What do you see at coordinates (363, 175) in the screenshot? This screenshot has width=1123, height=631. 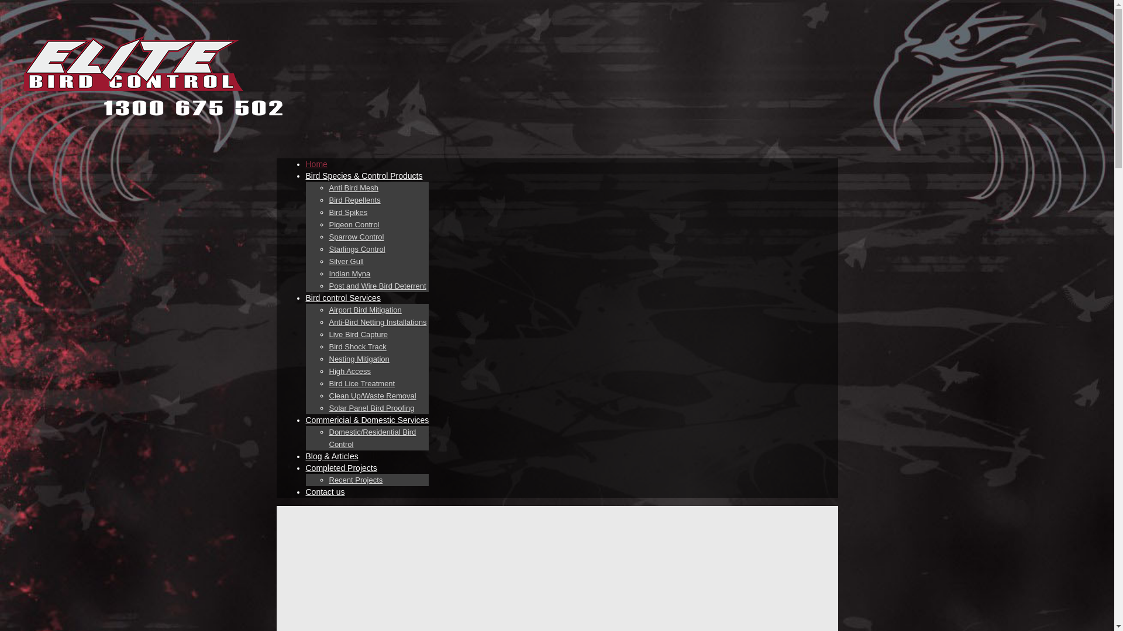 I see `'Bird Species & Control Products'` at bounding box center [363, 175].